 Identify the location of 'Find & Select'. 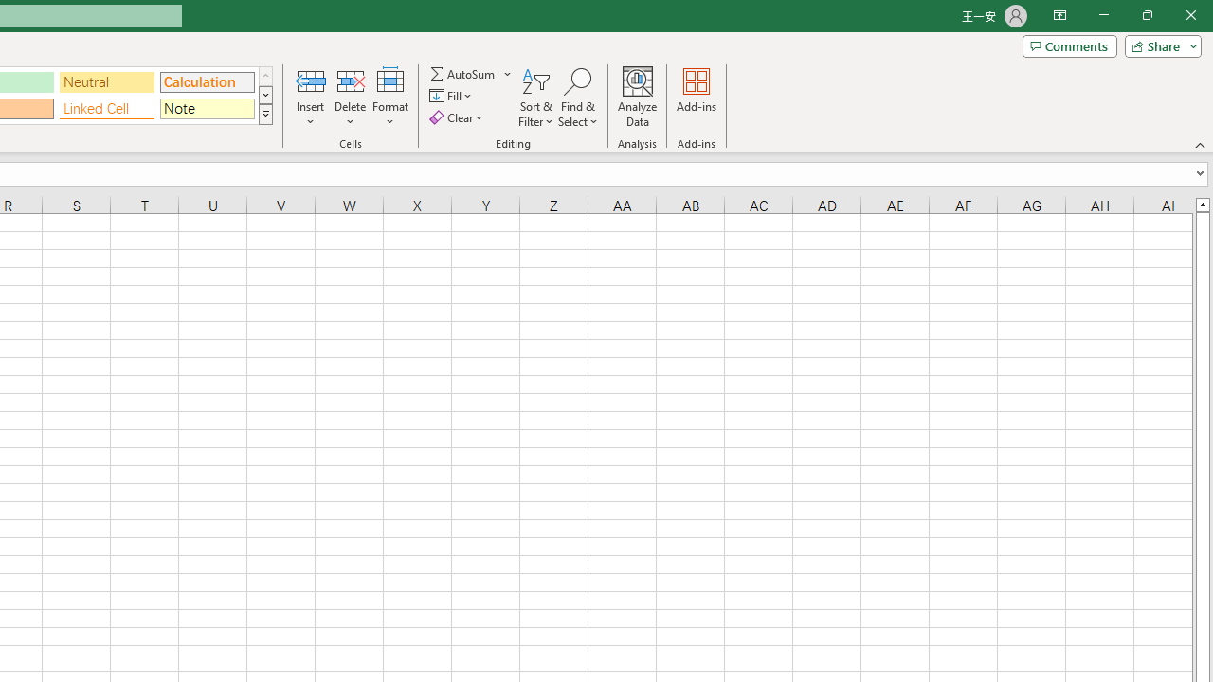
(577, 98).